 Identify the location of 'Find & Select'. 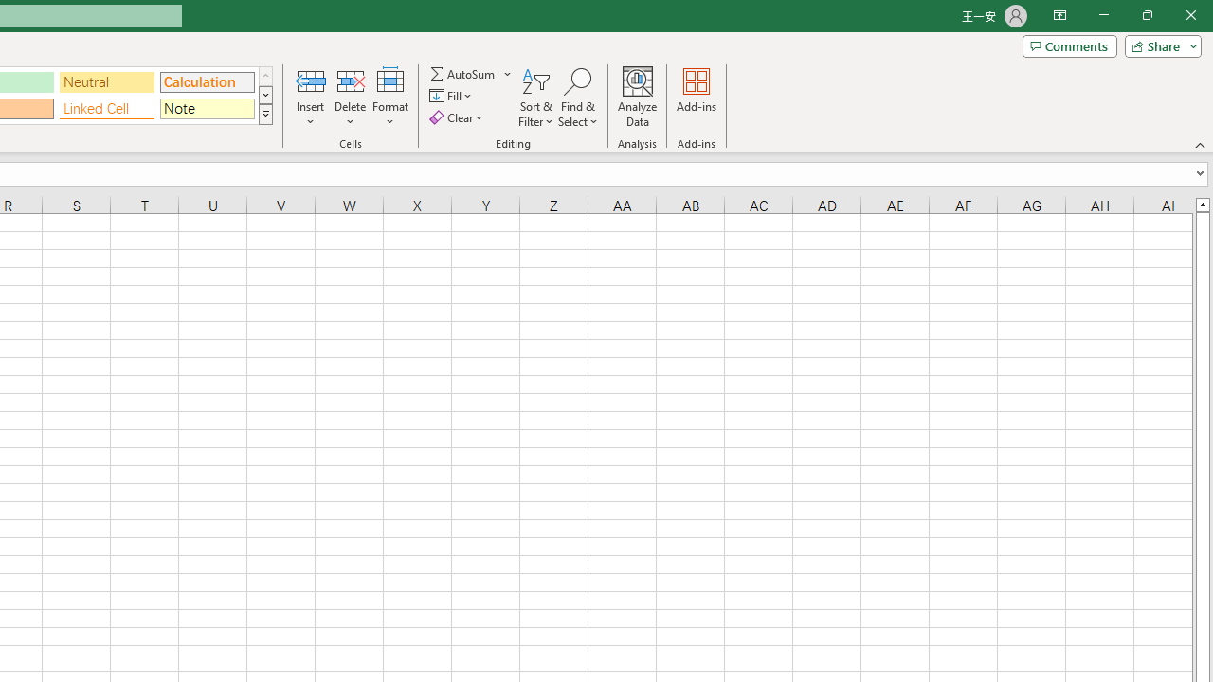
(577, 98).